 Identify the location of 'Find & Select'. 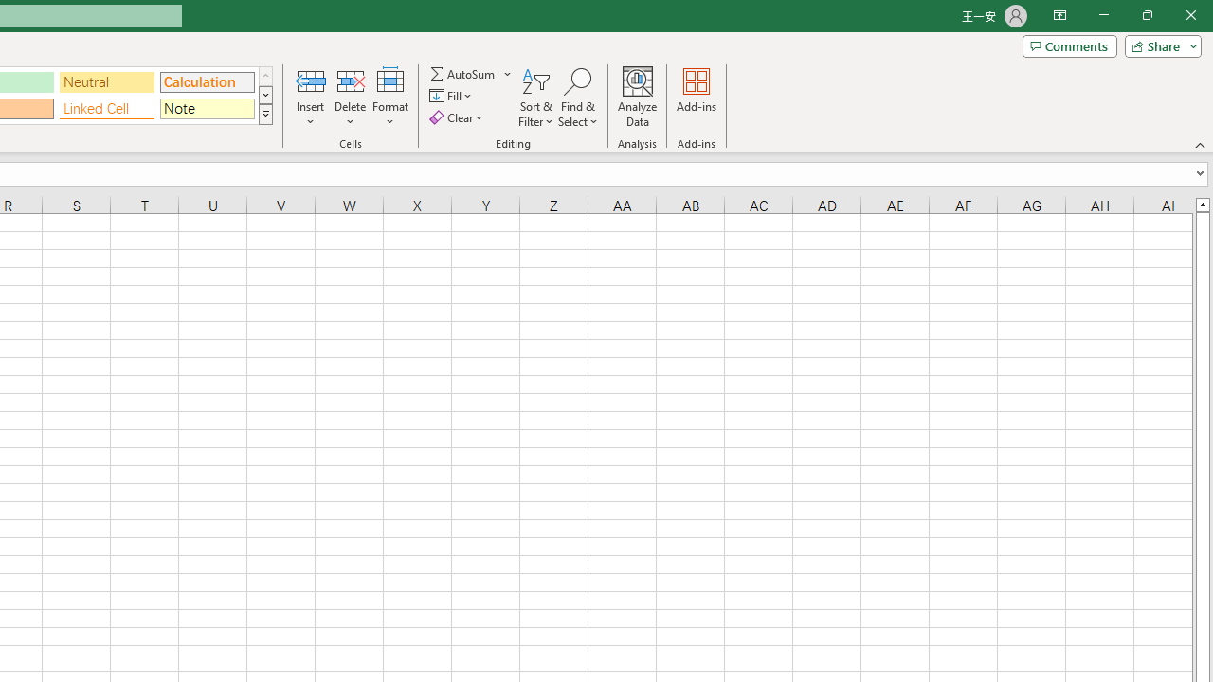
(577, 98).